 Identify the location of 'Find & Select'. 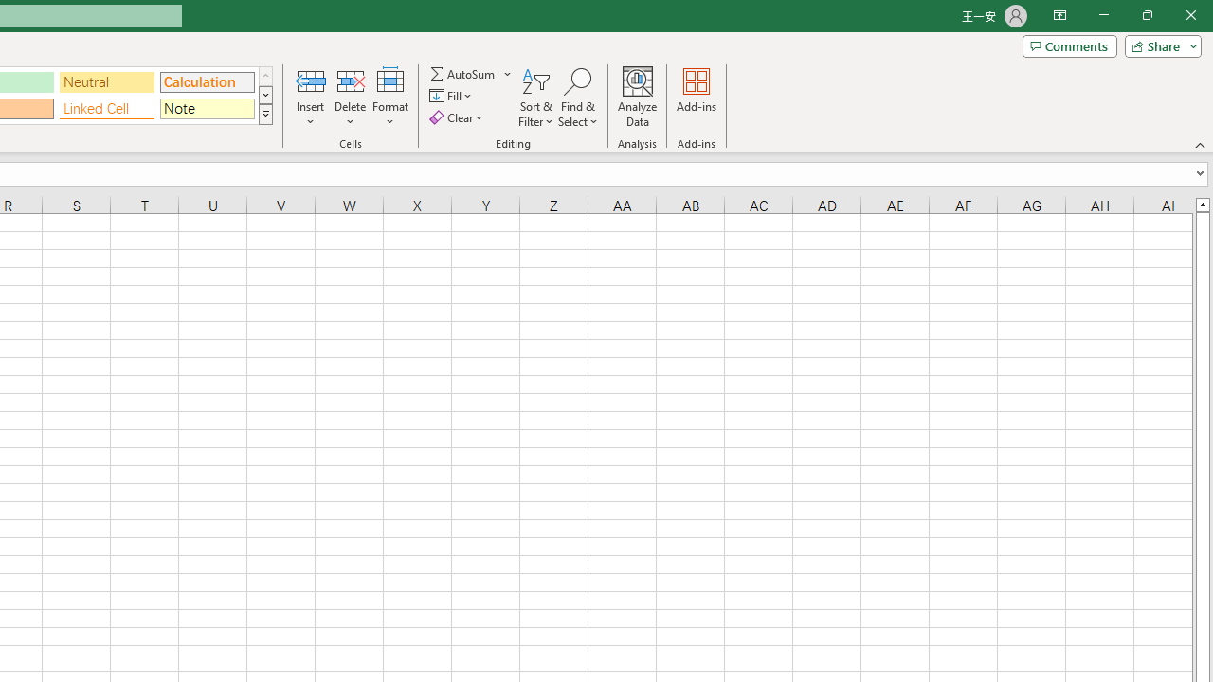
(577, 98).